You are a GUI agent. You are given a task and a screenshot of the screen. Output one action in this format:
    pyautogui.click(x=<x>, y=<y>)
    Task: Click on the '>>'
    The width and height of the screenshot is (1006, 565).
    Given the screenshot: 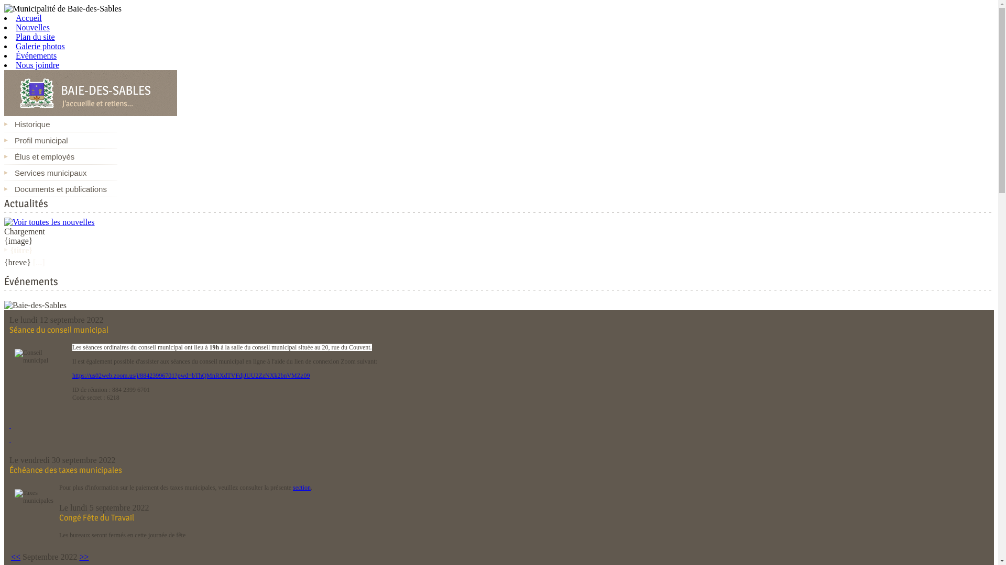 What is the action you would take?
    pyautogui.click(x=83, y=556)
    